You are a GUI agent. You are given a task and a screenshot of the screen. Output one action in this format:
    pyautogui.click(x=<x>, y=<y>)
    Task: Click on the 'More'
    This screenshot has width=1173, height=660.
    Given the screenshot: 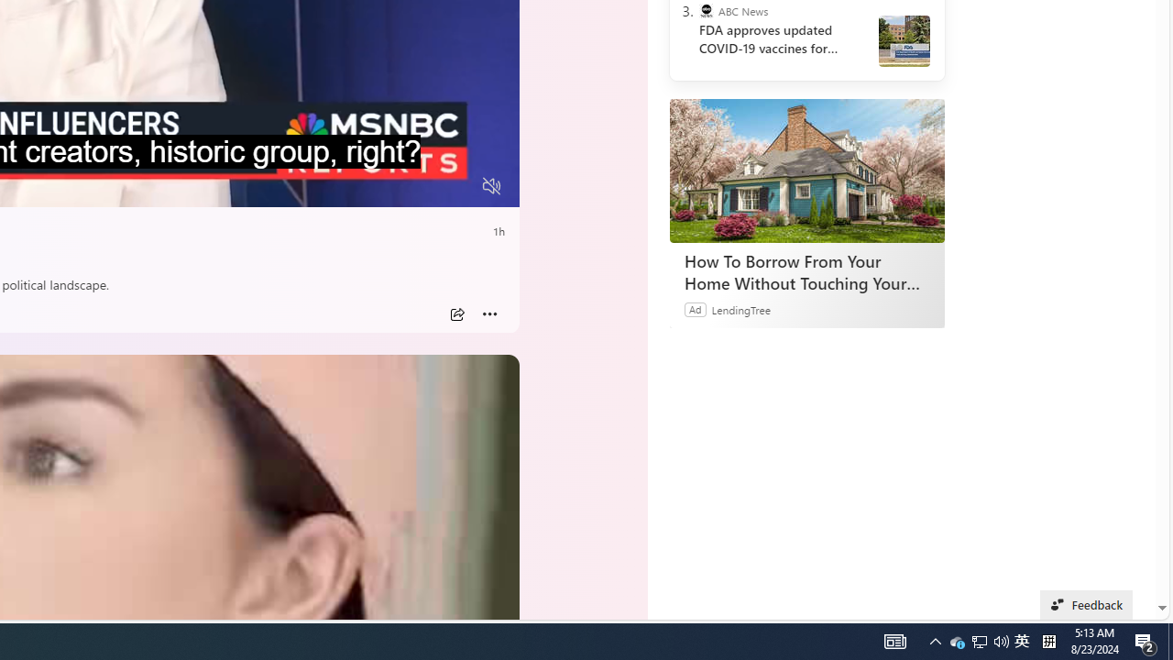 What is the action you would take?
    pyautogui.click(x=489, y=313)
    